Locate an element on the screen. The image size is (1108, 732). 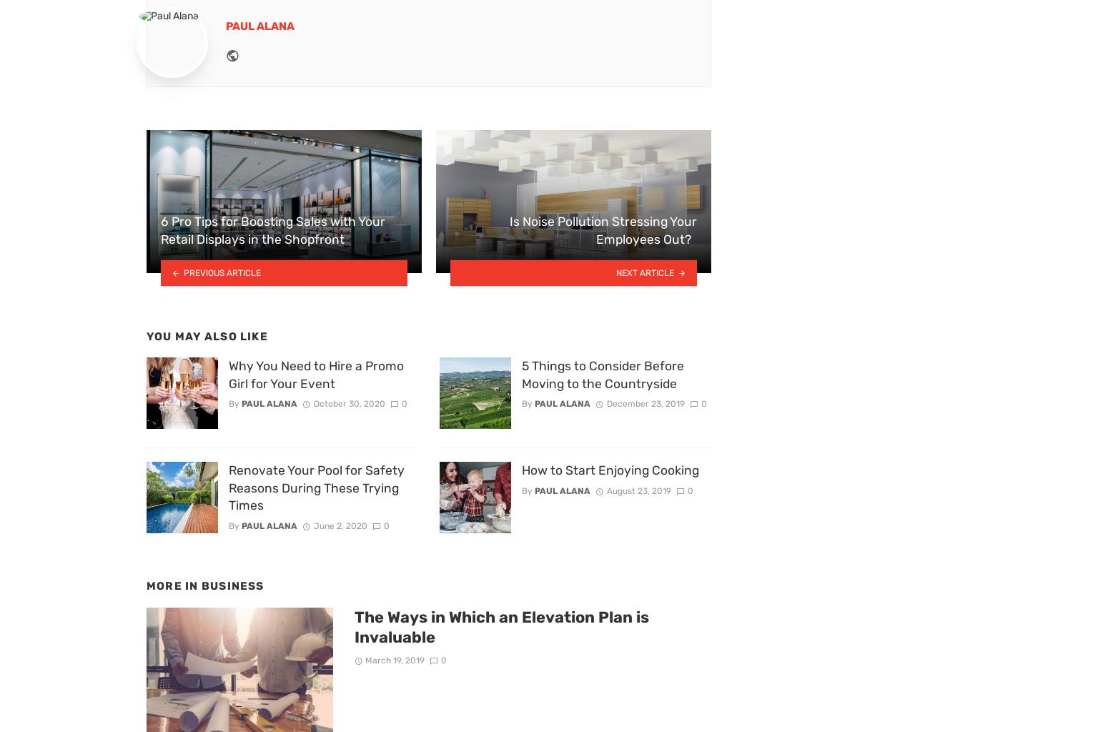
'March 19, 2019' is located at coordinates (395, 659).